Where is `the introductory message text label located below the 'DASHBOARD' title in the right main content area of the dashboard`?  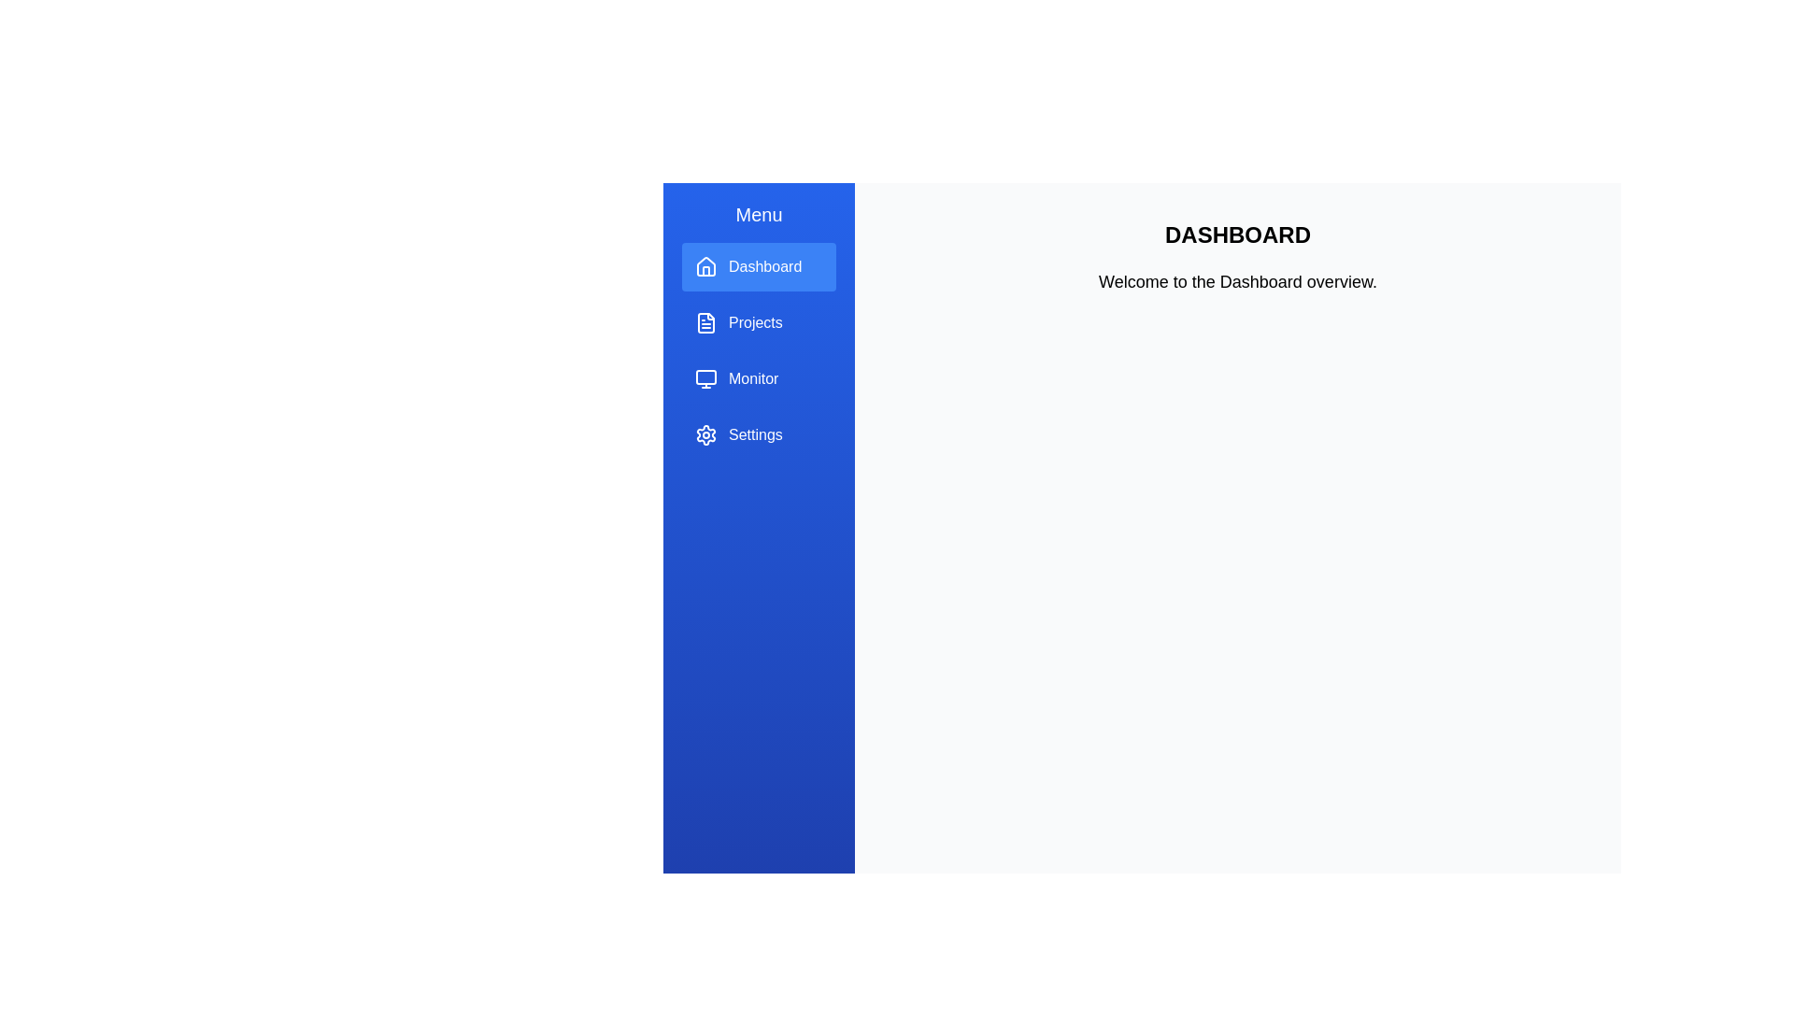 the introductory message text label located below the 'DASHBOARD' title in the right main content area of the dashboard is located at coordinates (1237, 281).